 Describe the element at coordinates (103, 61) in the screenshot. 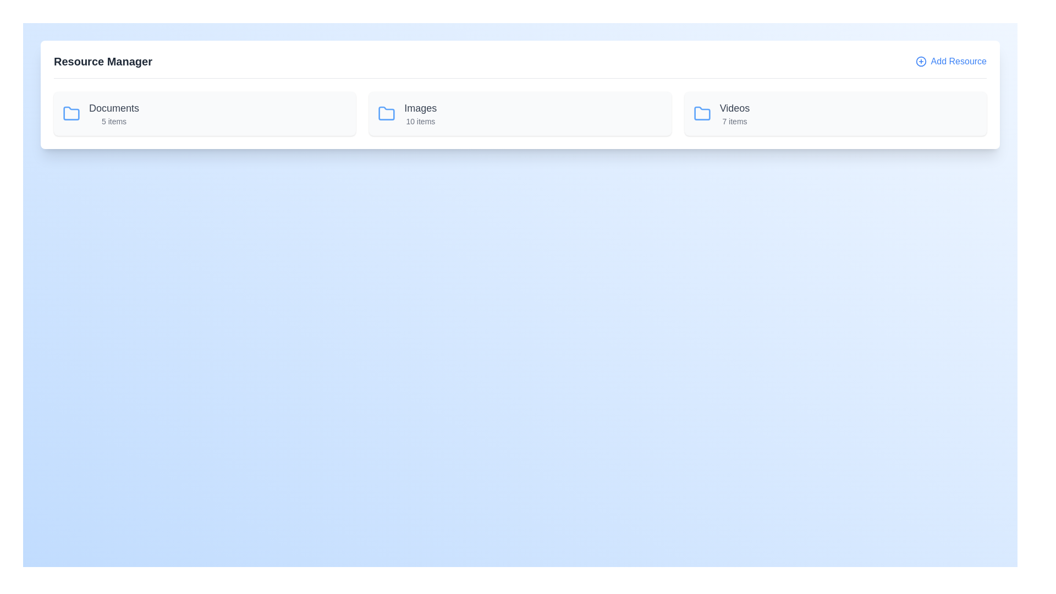

I see `the 'Resource Manager' text label, which is styled with a larger, bold font in dark grey and is located at the top-left section of the interface` at that location.